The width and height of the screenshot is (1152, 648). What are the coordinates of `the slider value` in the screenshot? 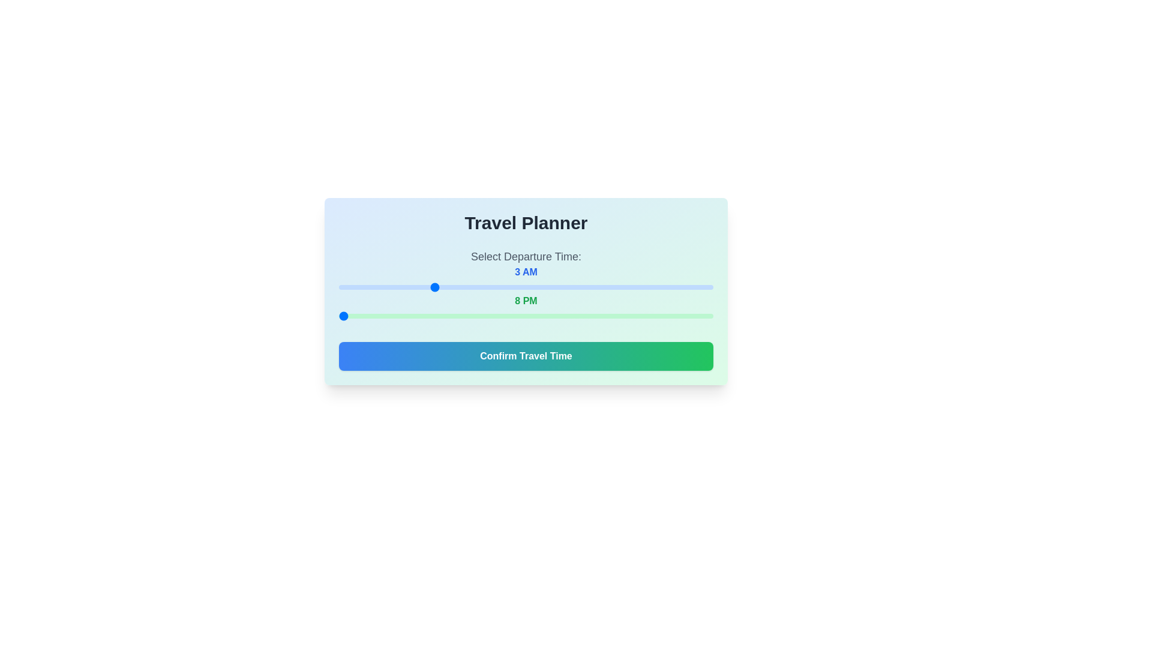 It's located at (526, 316).